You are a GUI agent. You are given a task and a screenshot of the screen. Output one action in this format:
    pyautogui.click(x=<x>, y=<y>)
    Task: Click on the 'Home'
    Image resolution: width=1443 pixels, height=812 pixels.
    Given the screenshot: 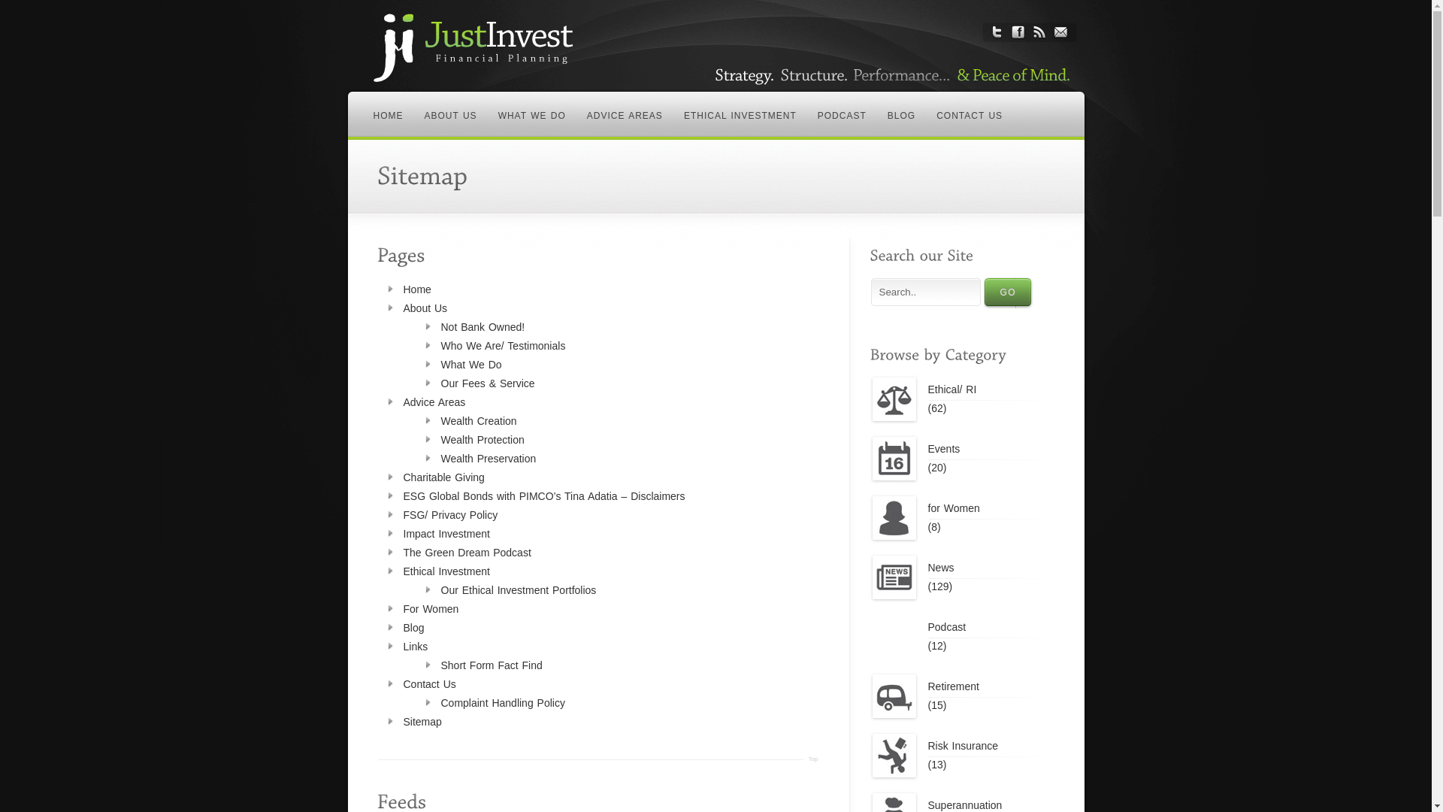 What is the action you would take?
    pyautogui.click(x=416, y=289)
    